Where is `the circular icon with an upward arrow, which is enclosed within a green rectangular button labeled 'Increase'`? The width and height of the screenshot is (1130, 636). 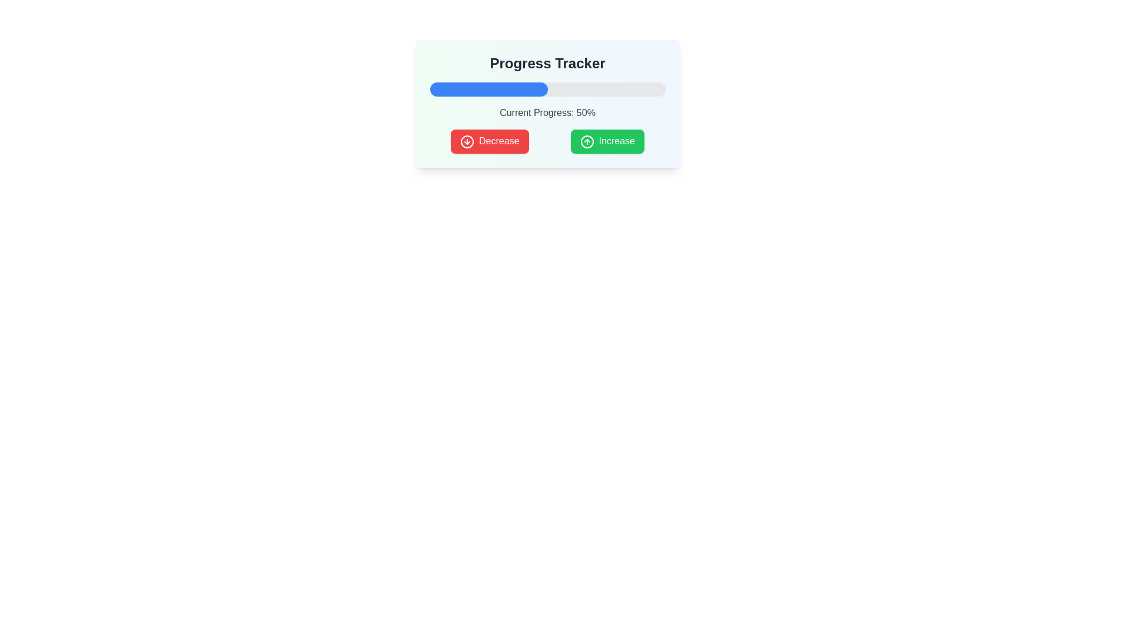
the circular icon with an upward arrow, which is enclosed within a green rectangular button labeled 'Increase' is located at coordinates (587, 141).